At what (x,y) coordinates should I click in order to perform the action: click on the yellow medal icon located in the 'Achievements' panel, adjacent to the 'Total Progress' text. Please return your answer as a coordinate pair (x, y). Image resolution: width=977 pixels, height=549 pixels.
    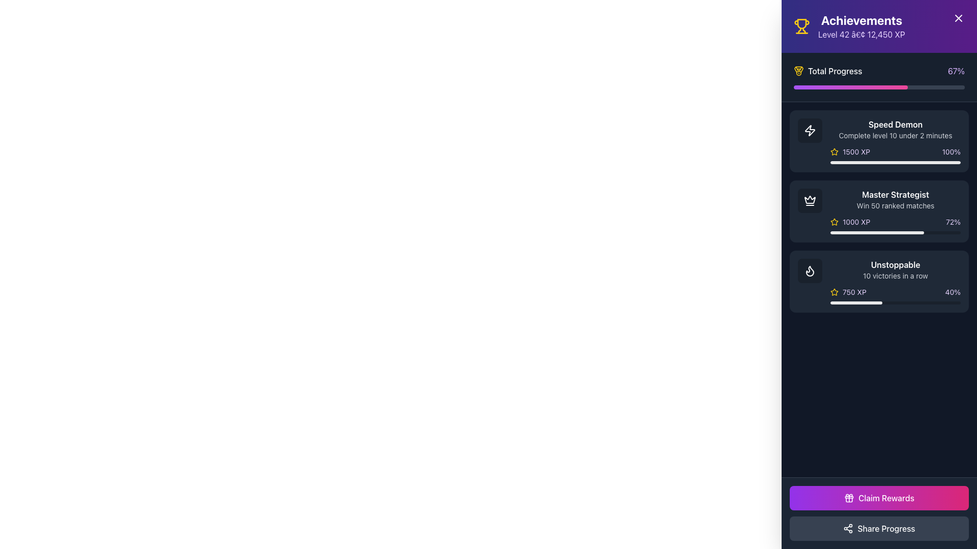
    Looking at the image, I should click on (798, 69).